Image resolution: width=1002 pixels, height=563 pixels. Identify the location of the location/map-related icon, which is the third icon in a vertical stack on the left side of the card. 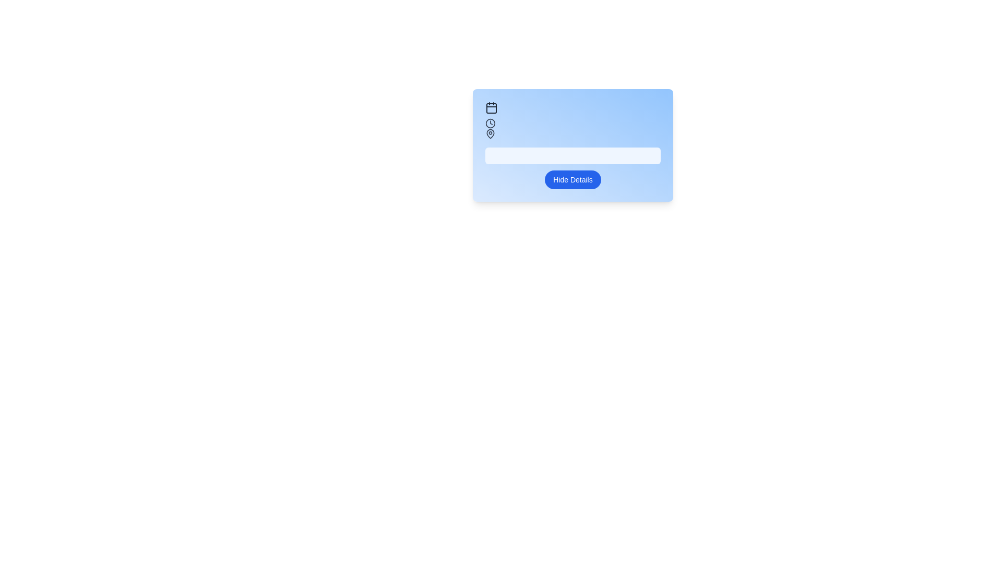
(490, 133).